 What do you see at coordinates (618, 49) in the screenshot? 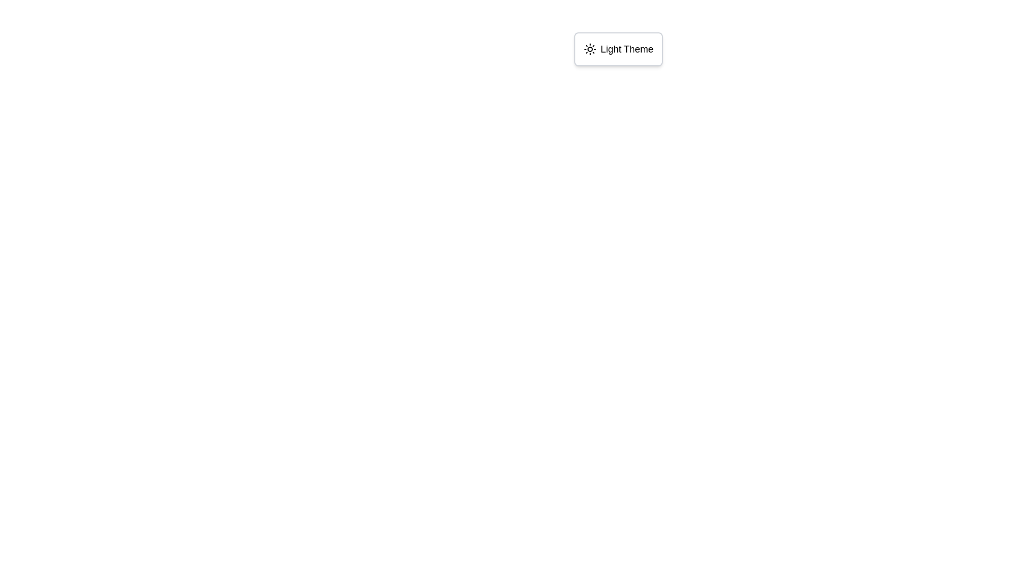
I see `the toggle switch button labeled 'Light Theme' with a sun icon` at bounding box center [618, 49].